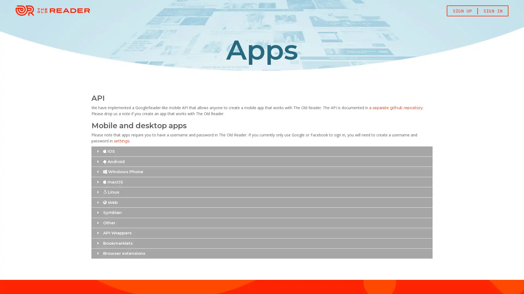 This screenshot has width=524, height=294. I want to click on Bookmarklets, so click(261, 243).